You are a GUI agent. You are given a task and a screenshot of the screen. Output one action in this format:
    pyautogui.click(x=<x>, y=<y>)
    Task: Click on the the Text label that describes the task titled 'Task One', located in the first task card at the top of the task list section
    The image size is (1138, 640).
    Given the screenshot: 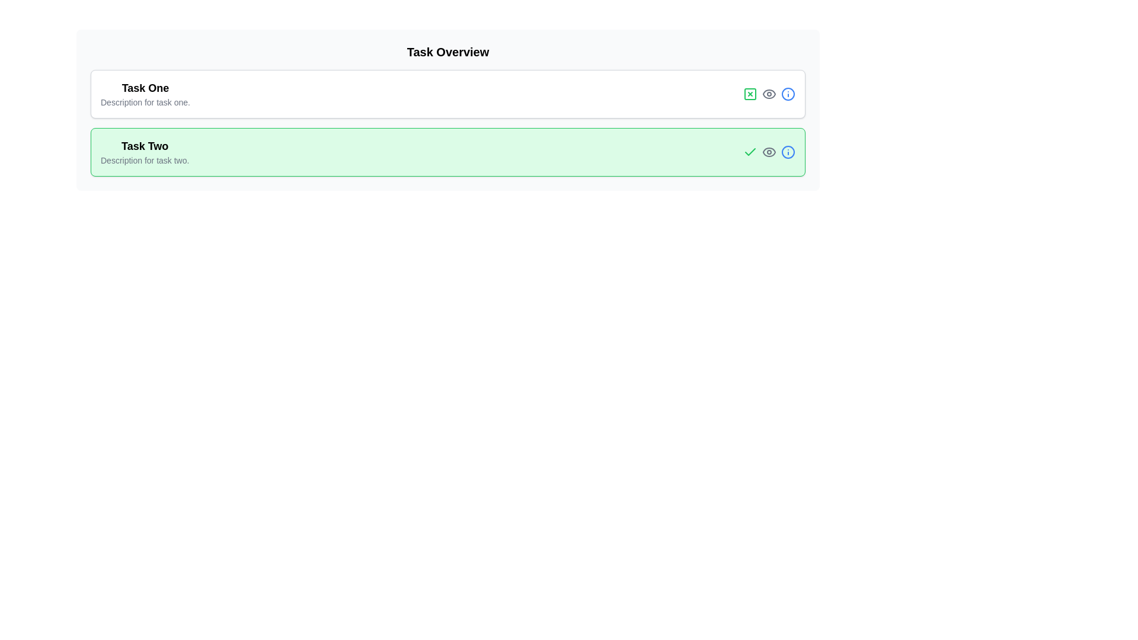 What is the action you would take?
    pyautogui.click(x=145, y=102)
    